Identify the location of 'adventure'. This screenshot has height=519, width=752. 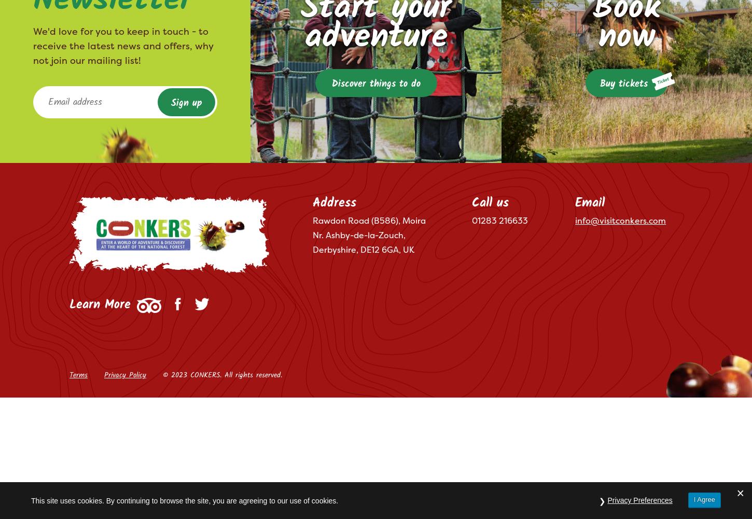
(375, 37).